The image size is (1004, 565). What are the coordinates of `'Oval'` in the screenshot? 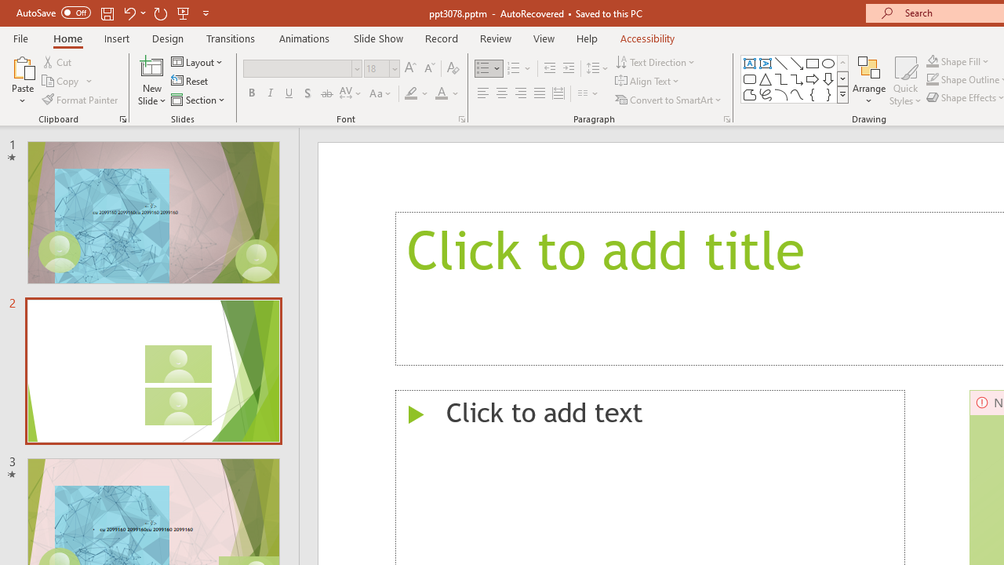 It's located at (828, 63).